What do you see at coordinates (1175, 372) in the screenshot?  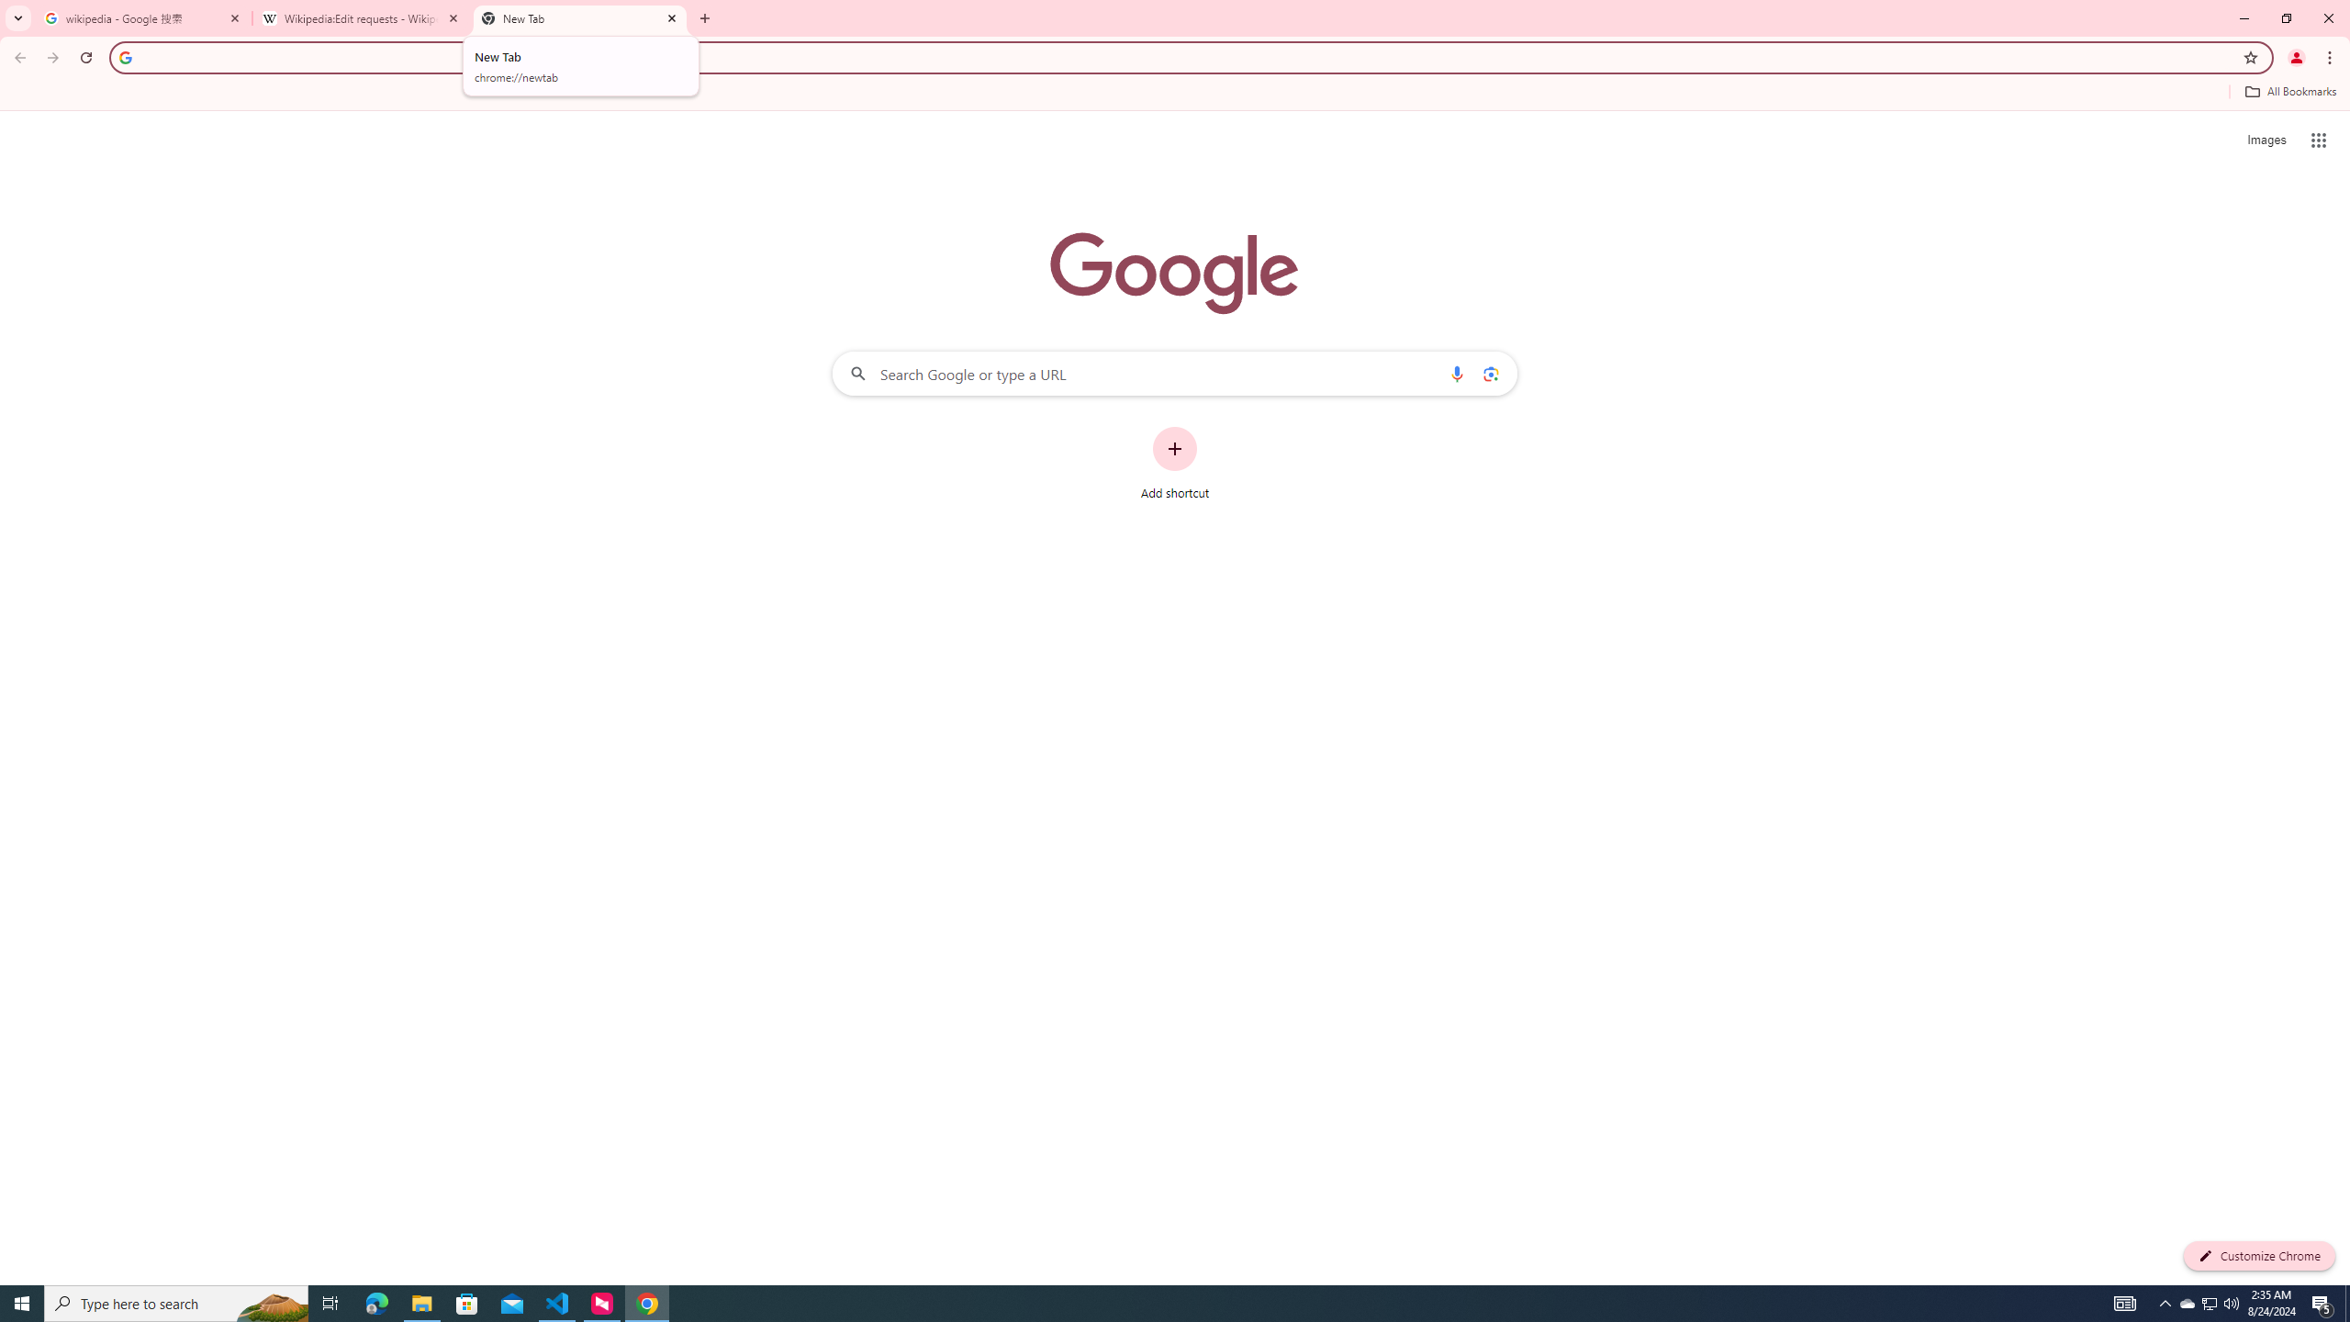 I see `'Search Google or type a URL'` at bounding box center [1175, 372].